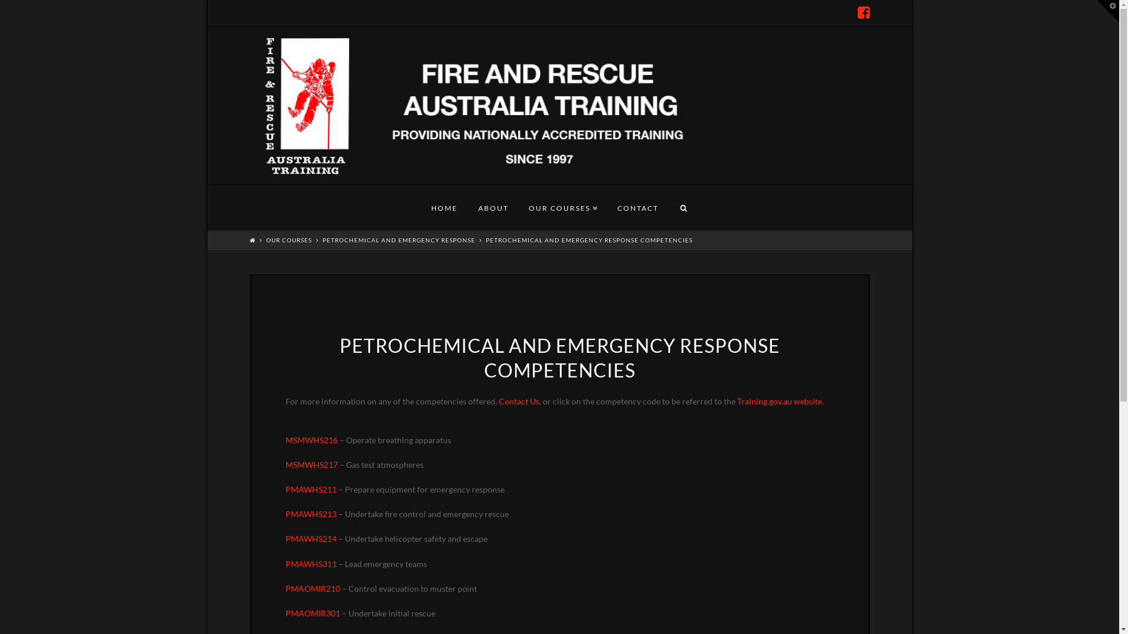 The width and height of the screenshot is (1128, 634). I want to click on 'CONTACT', so click(637, 206).